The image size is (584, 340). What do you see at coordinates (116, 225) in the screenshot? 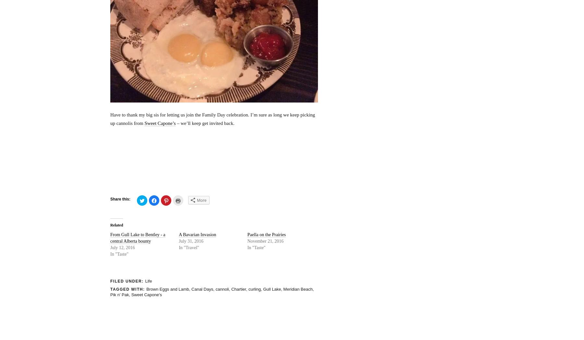
I see `'Related'` at bounding box center [116, 225].